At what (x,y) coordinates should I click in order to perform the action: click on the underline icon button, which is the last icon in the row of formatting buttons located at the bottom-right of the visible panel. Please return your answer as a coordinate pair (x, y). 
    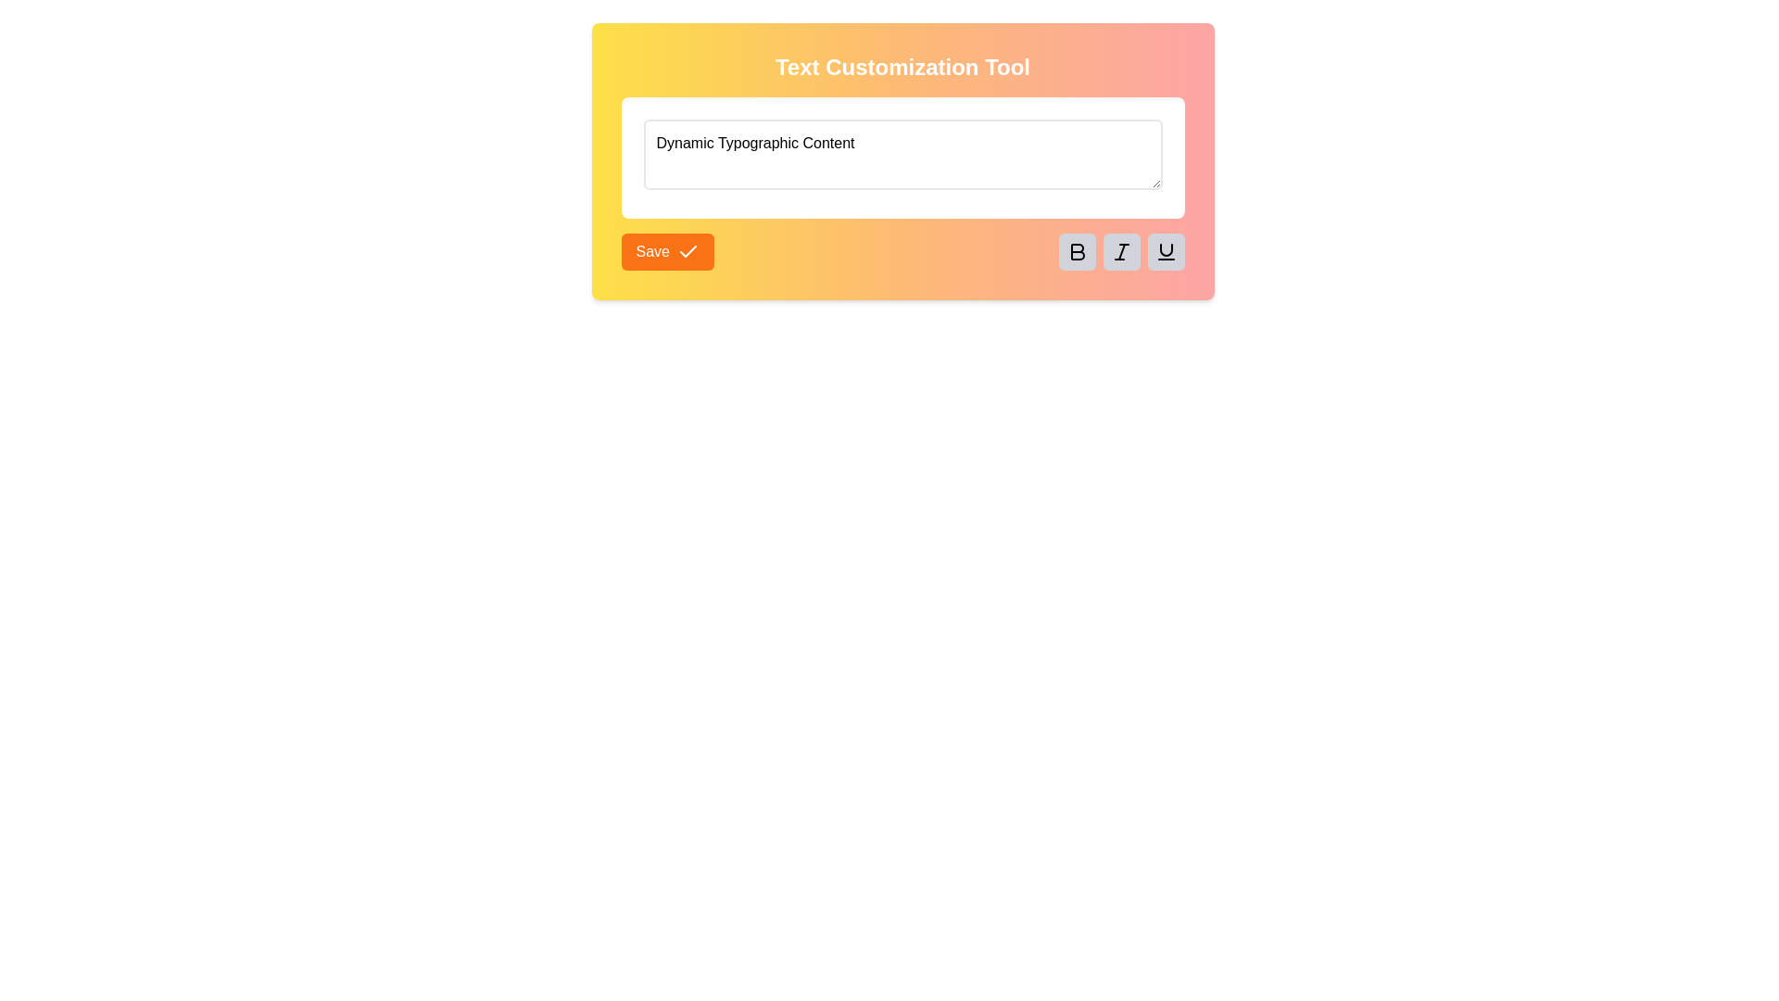
    Looking at the image, I should click on (1165, 252).